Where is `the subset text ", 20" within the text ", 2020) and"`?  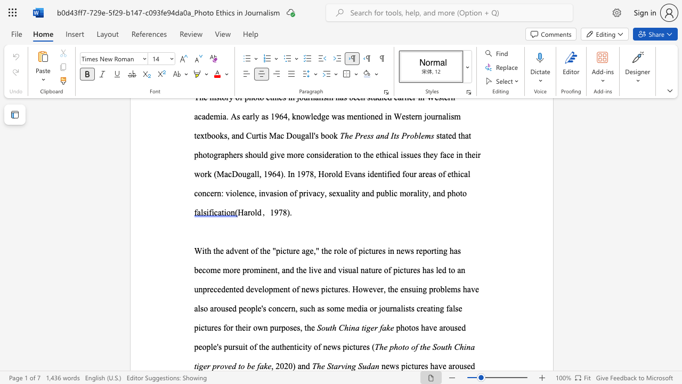
the subset text ", 20" within the text ", 2020) and" is located at coordinates (271, 365).